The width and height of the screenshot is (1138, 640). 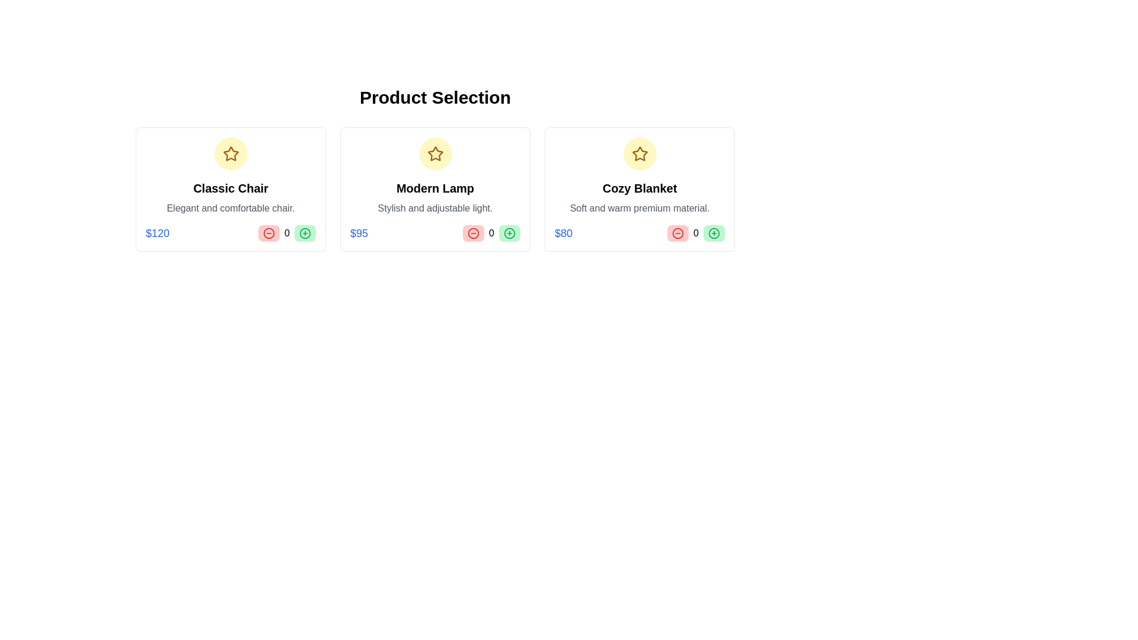 What do you see at coordinates (434, 153) in the screenshot?
I see `the star-shaped icon button with a yellow color fill located at the top of the 'Cozy Blanket' card` at bounding box center [434, 153].